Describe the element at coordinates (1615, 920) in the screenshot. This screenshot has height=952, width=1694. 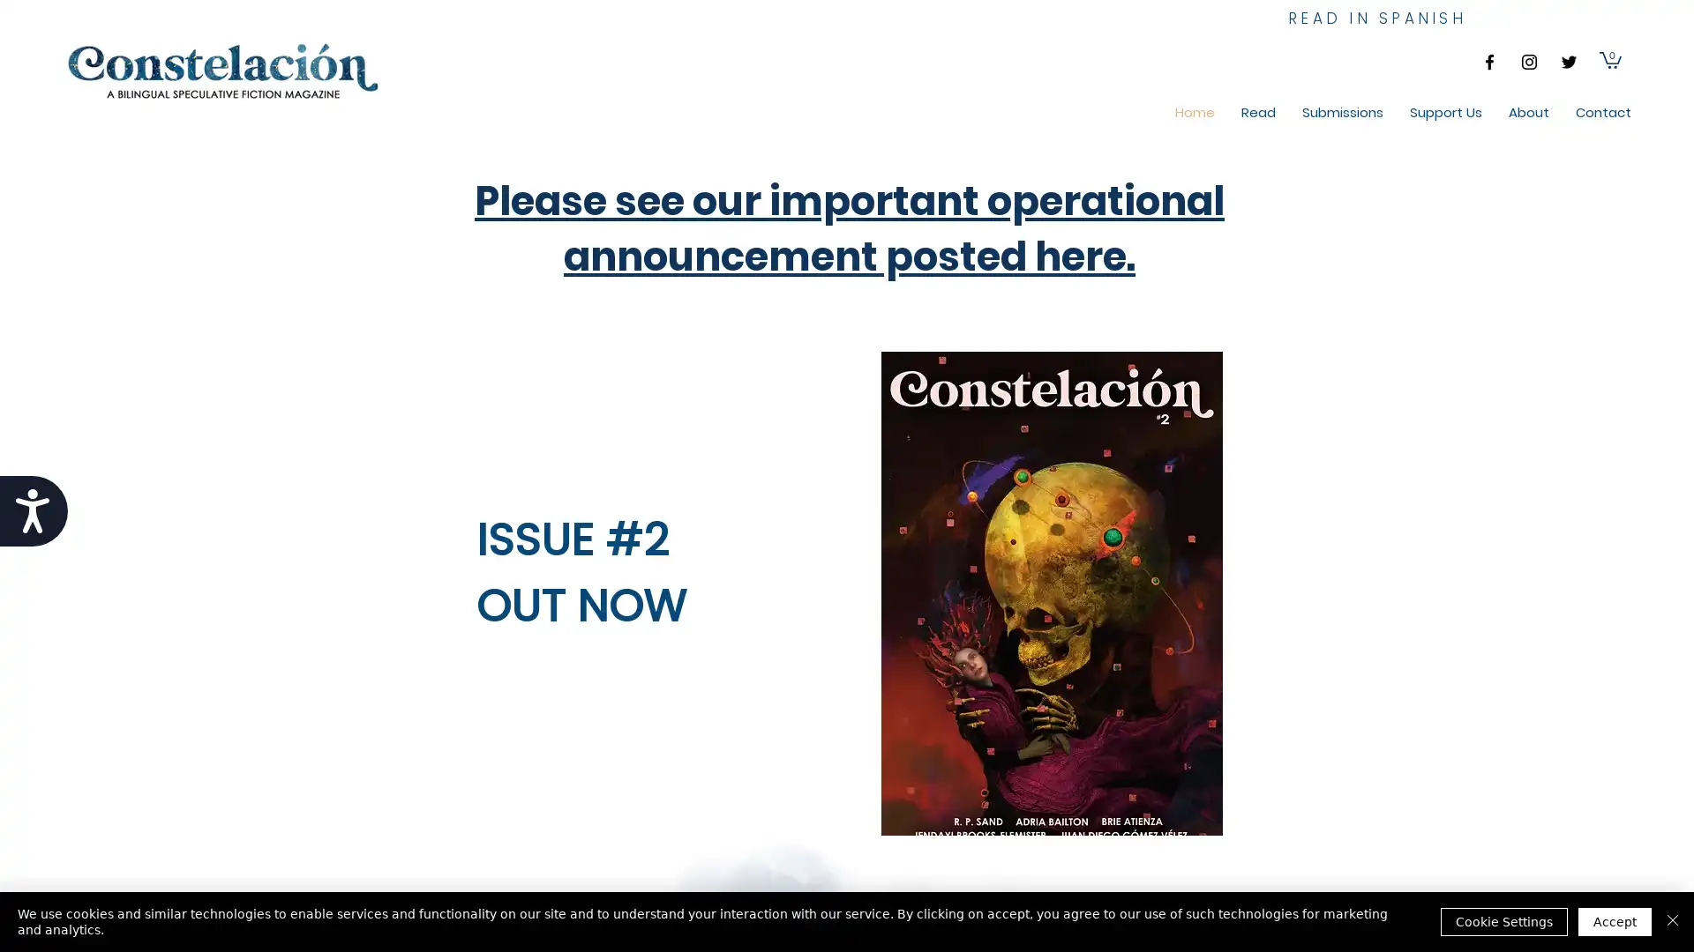
I see `Accept` at that location.